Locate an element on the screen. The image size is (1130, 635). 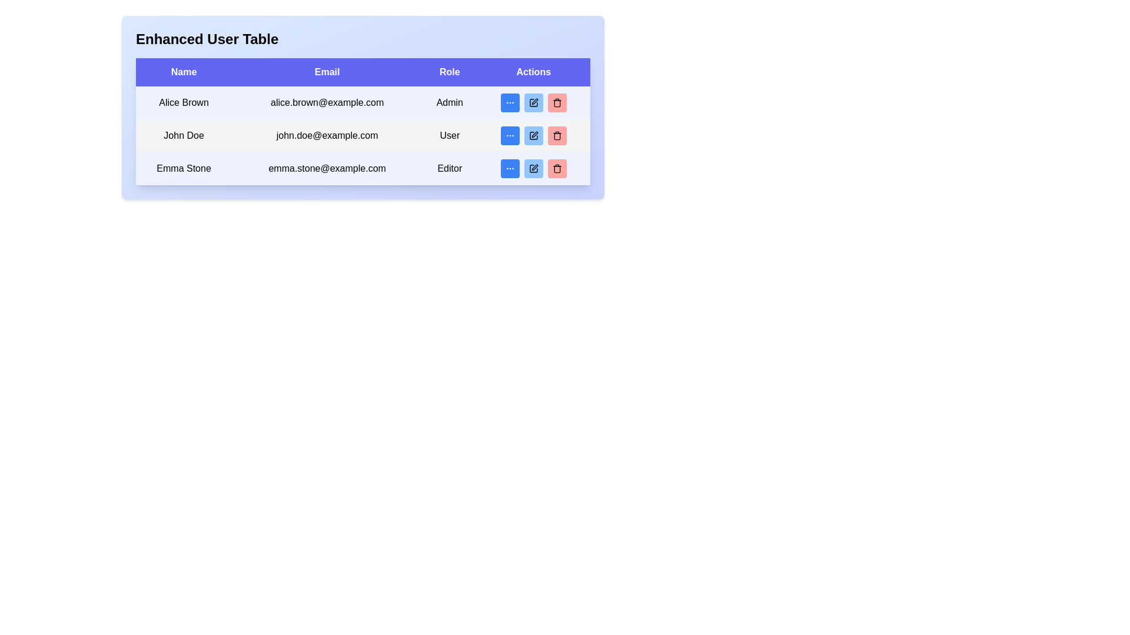
the delete button located in the 'Actions' column of the middle row in the table, which is the second button following the blue 'Edit' button is located at coordinates (556, 135).